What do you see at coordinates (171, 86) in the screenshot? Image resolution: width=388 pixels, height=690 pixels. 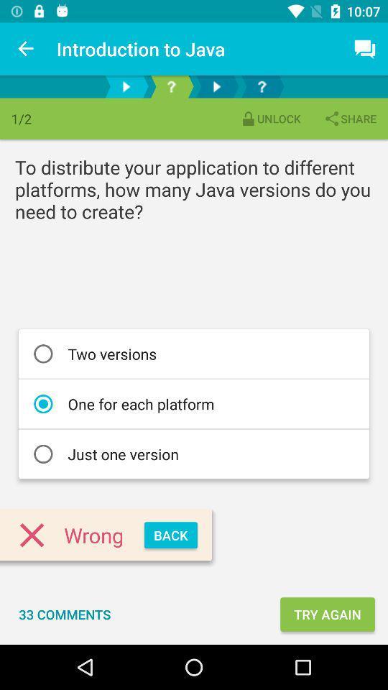 I see `see why the answer is wrong` at bounding box center [171, 86].